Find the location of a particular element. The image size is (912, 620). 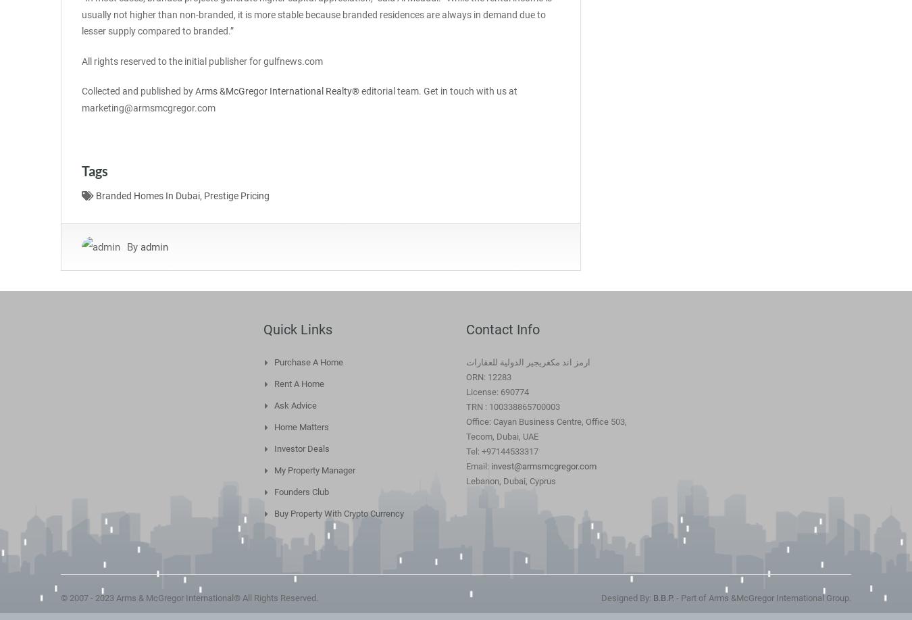

'Tel: +97144533317' is located at coordinates (501, 450).